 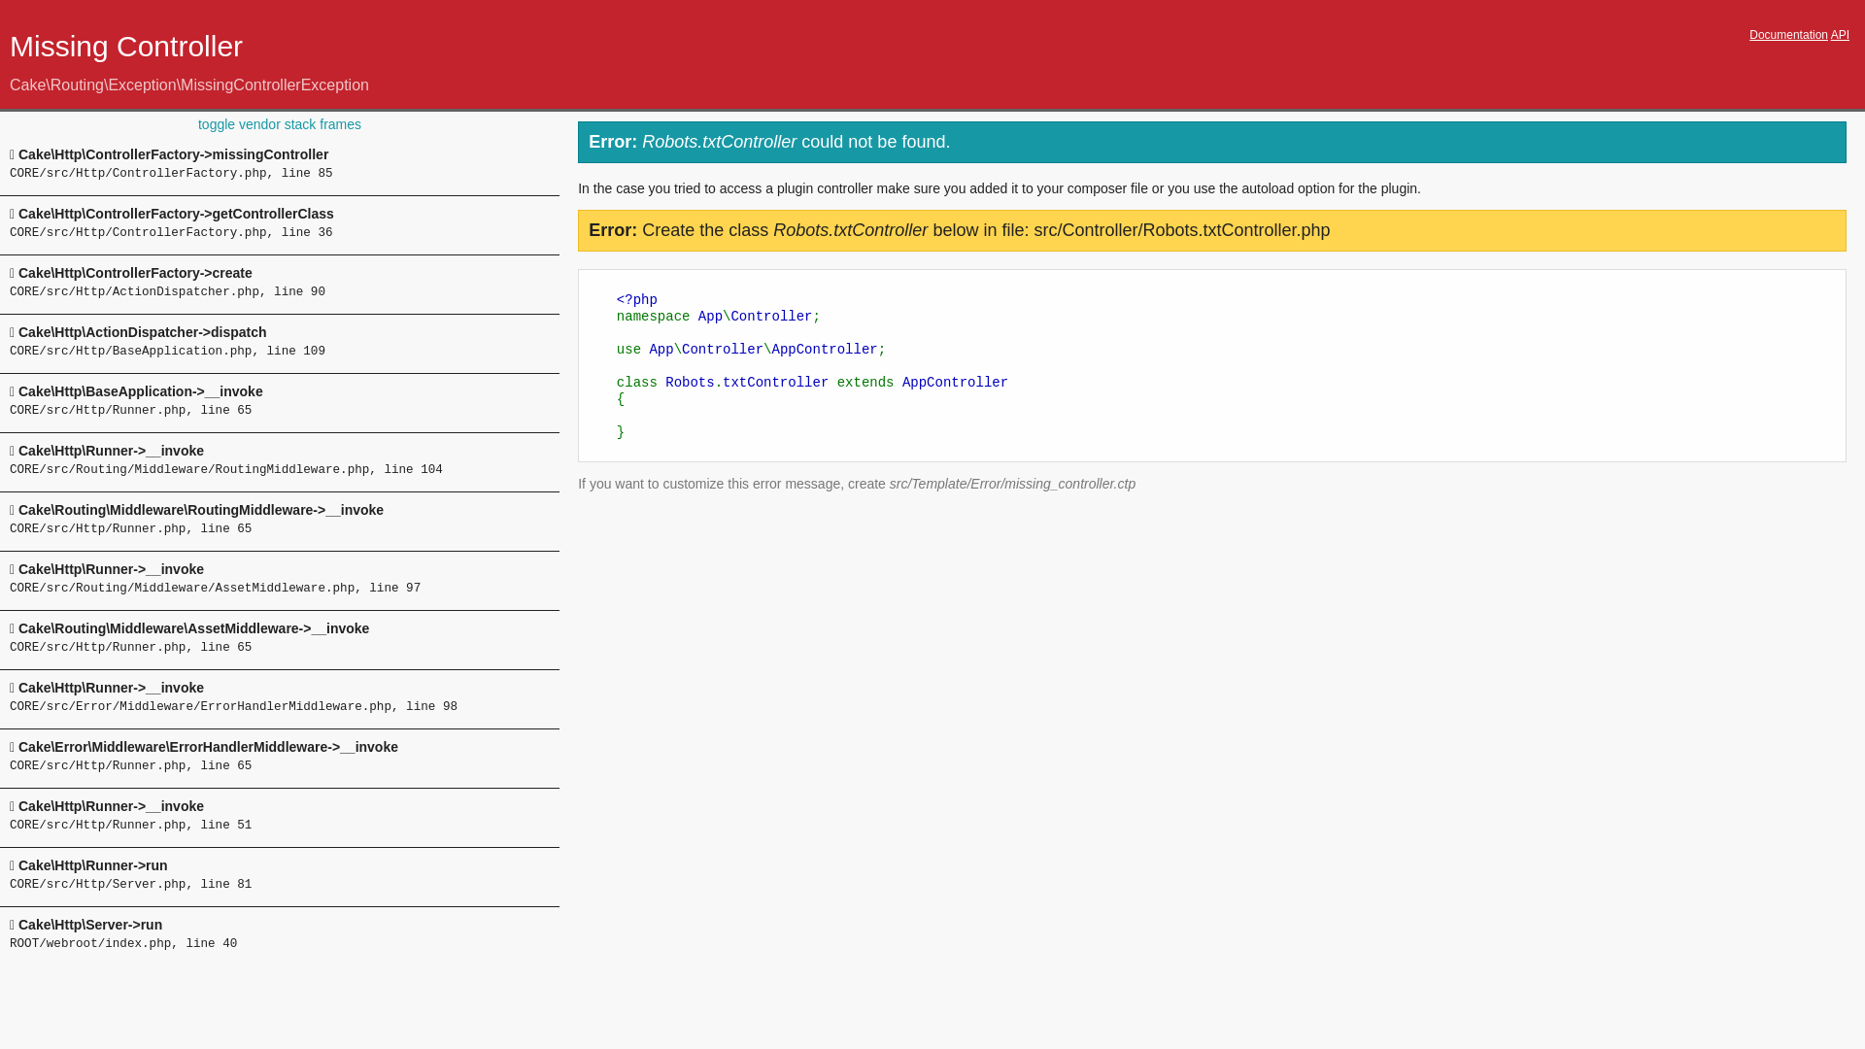 What do you see at coordinates (279, 123) in the screenshot?
I see `'toggle vendor stack frames'` at bounding box center [279, 123].